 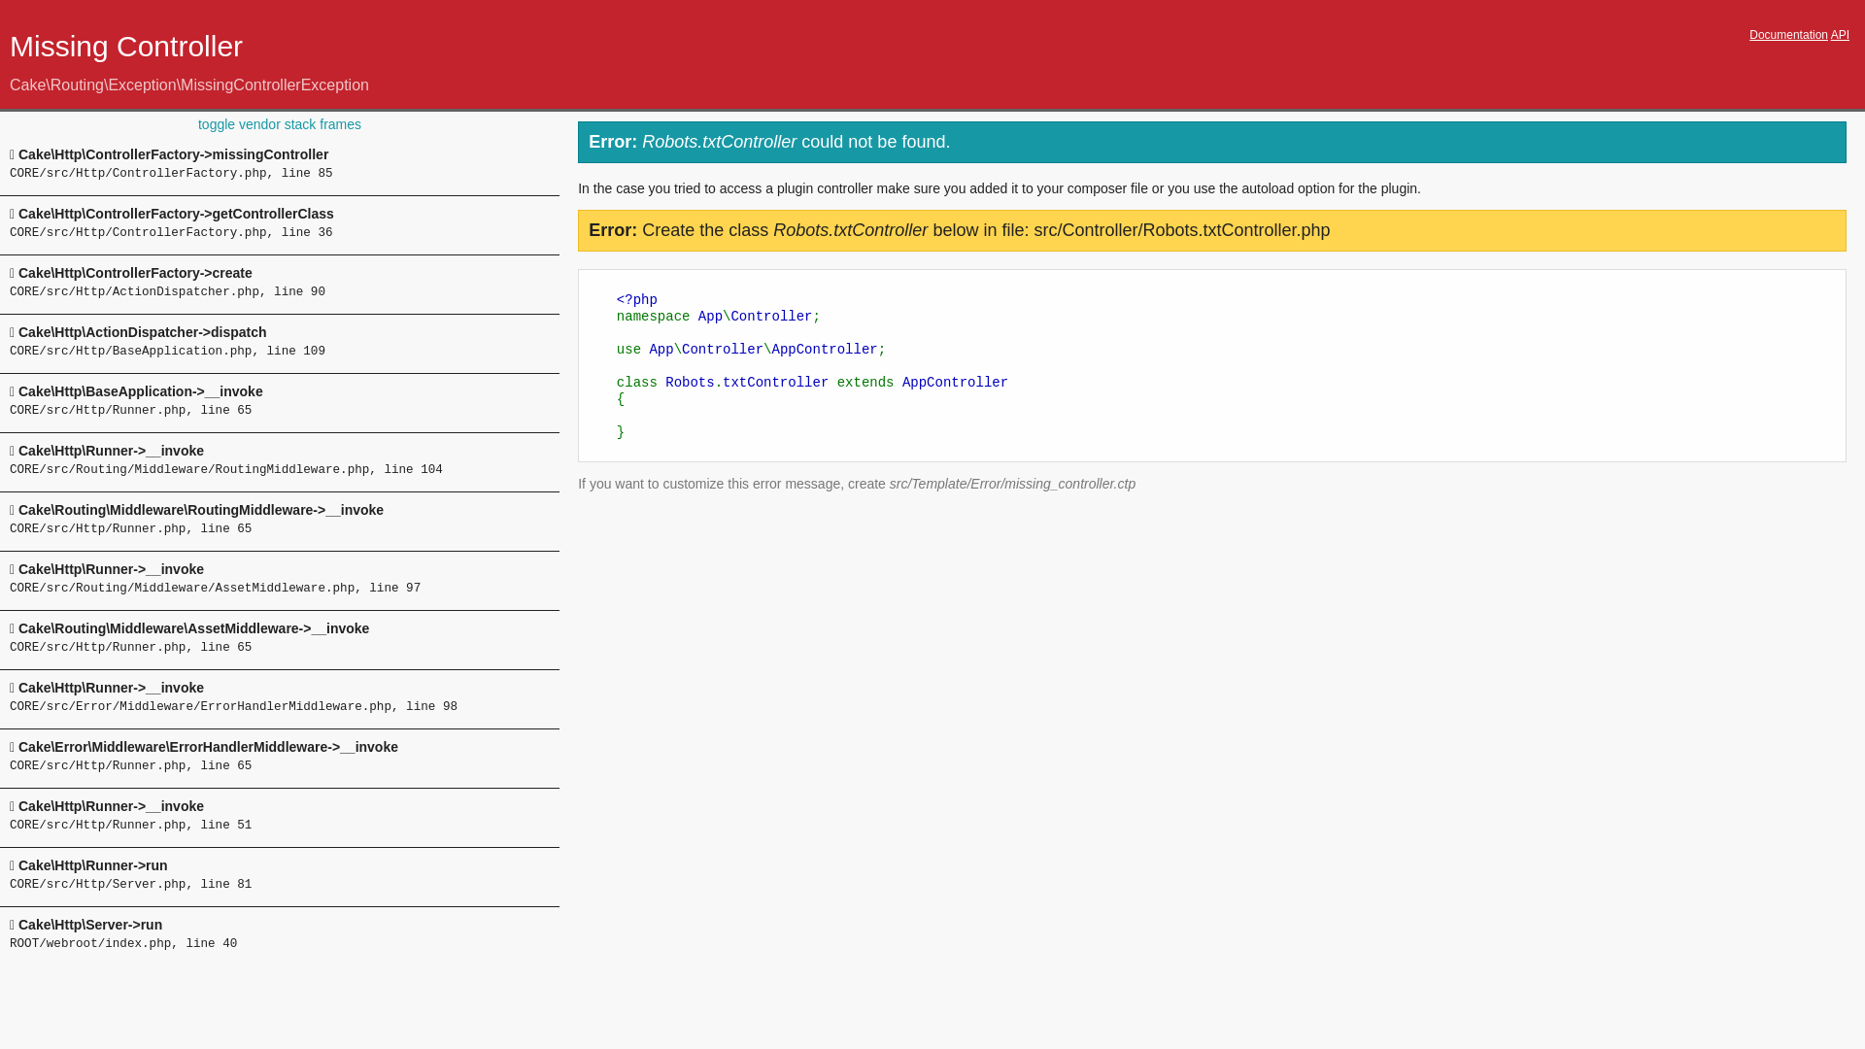 What do you see at coordinates (279, 123) in the screenshot?
I see `'toggle vendor stack frames'` at bounding box center [279, 123].